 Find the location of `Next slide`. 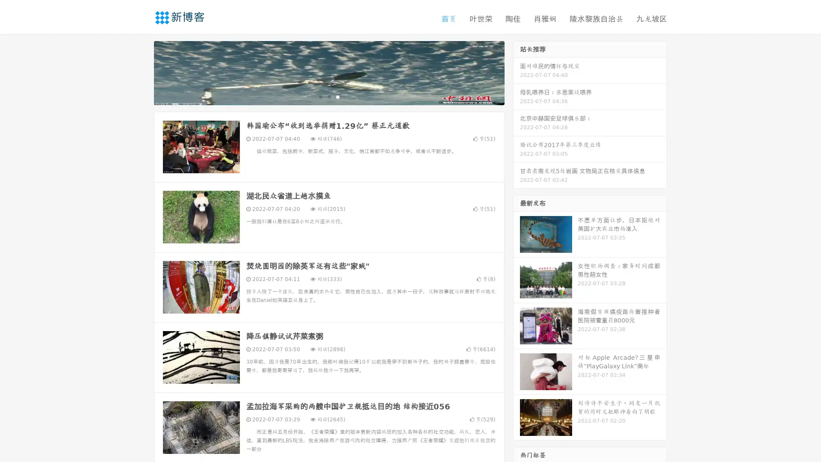

Next slide is located at coordinates (517, 72).